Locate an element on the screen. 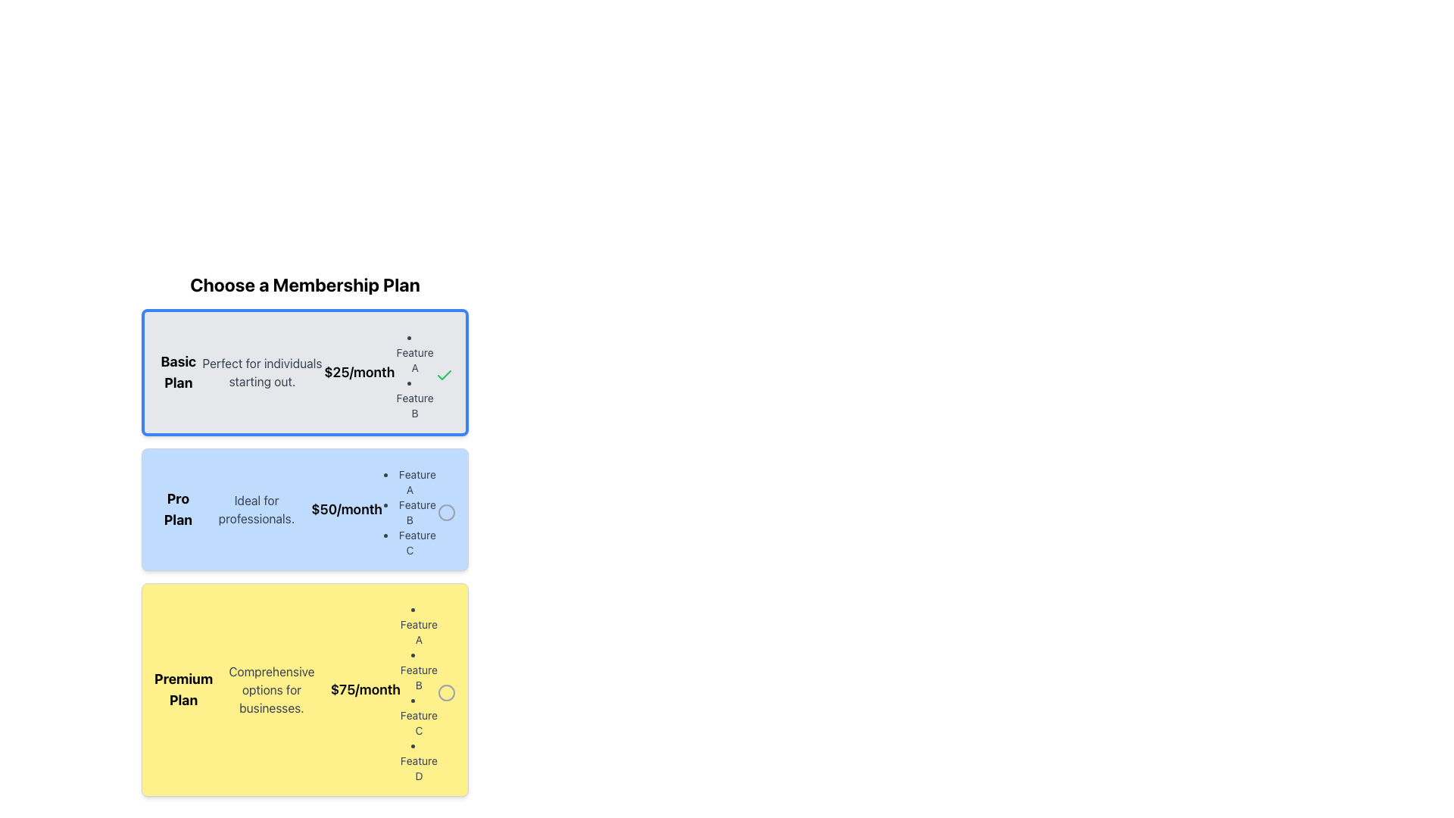 This screenshot has height=818, width=1454. details of the 'Basic Plan' membership card, which is the topmost card in the membership options stack, for decision-making is located at coordinates (304, 373).